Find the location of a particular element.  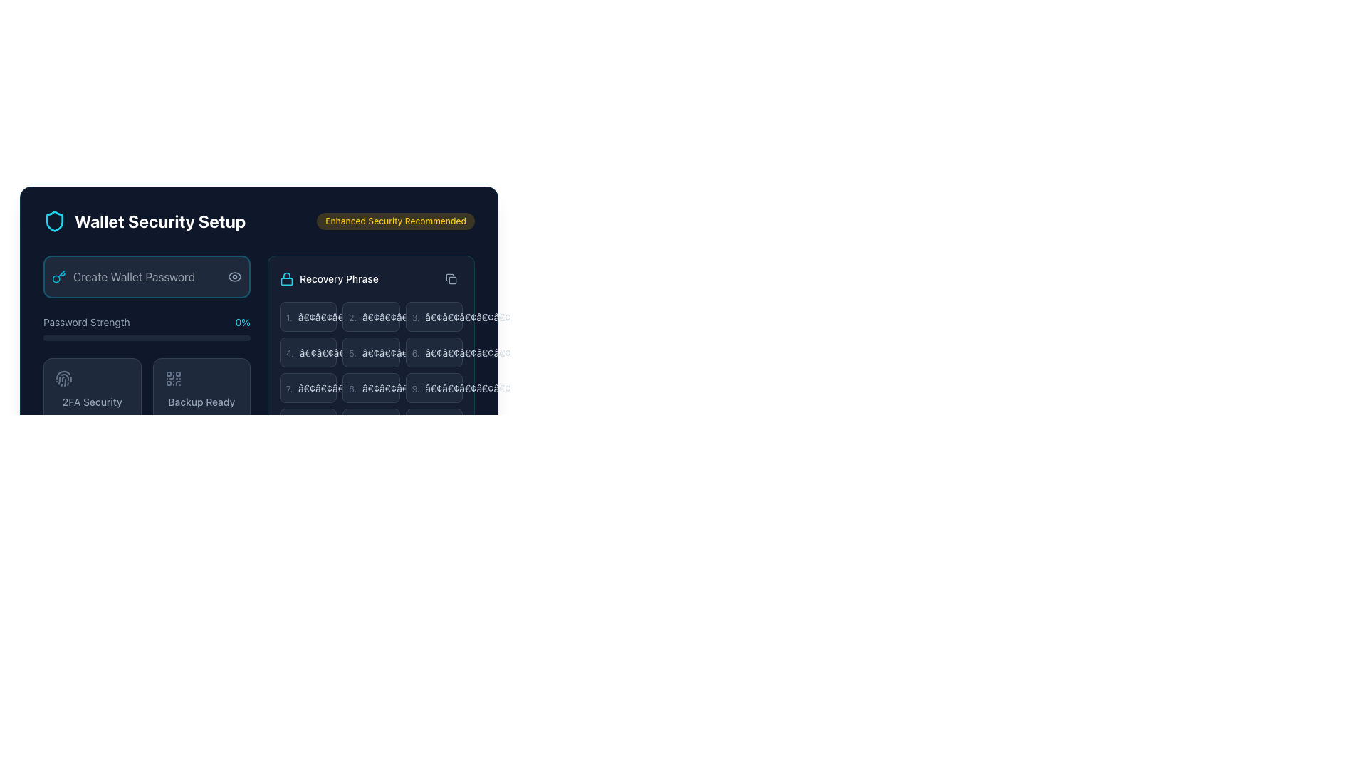

the password input field styled with a dark background and cyan highlights to focus and type the password is located at coordinates (147, 277).